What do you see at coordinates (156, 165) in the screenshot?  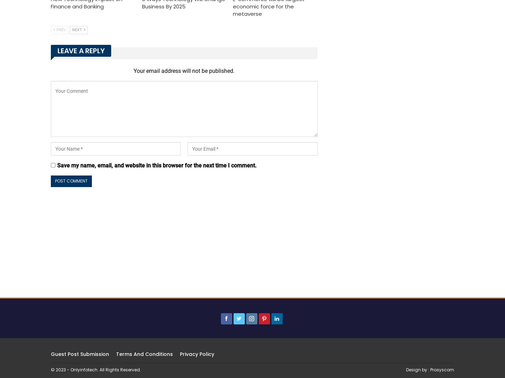 I see `'Save my name, email, and website in this browser for the next time I comment.'` at bounding box center [156, 165].